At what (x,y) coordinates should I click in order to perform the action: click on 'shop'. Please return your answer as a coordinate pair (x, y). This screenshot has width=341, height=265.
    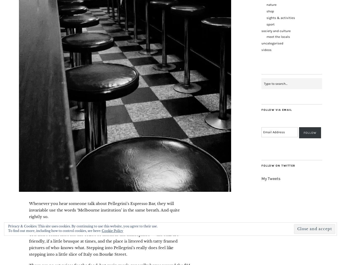
    Looking at the image, I should click on (266, 11).